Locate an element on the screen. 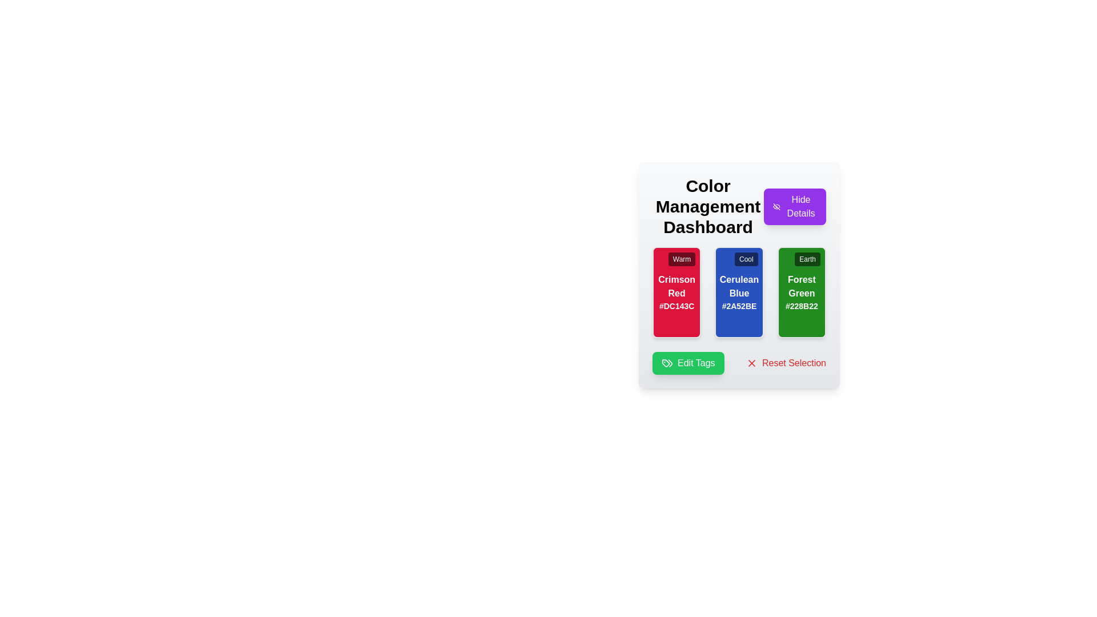 The height and width of the screenshot is (617, 1097). the 'Hide' indicator icon located to the left of the 'Hide Details' button on the Color Management Dashboard is located at coordinates (776, 207).